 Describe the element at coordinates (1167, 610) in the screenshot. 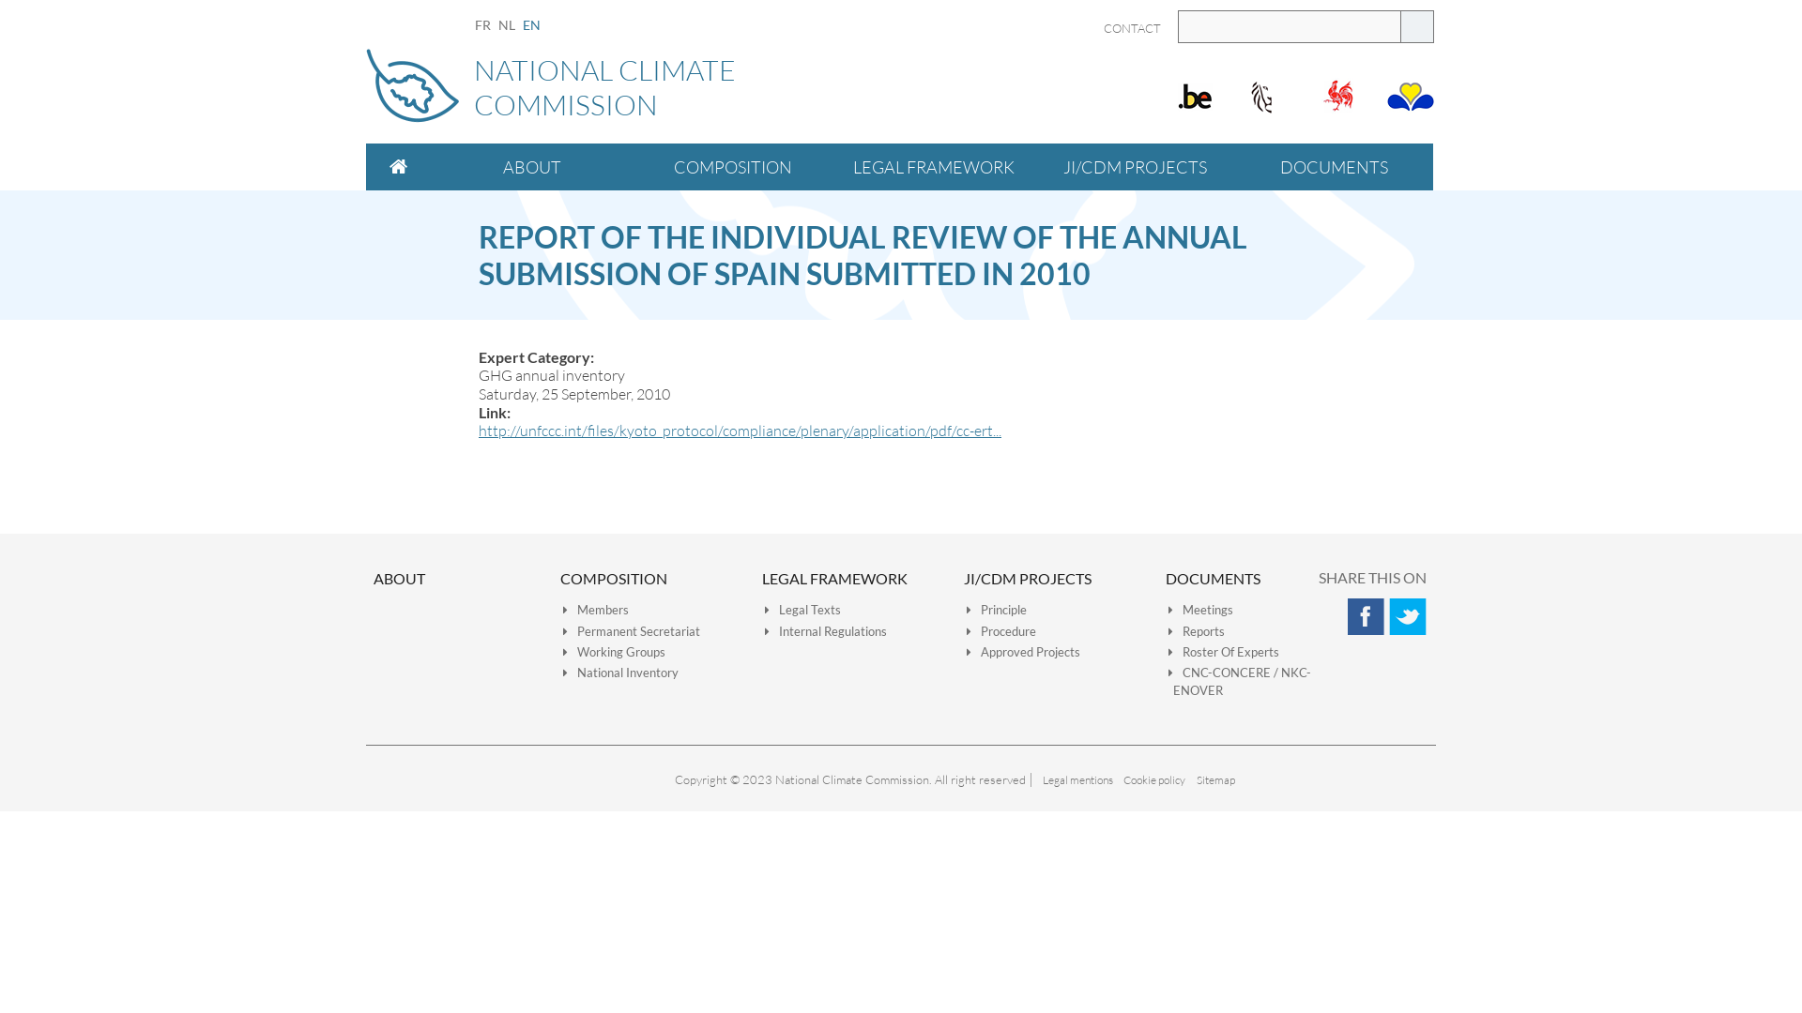

I see `'Meetings'` at that location.